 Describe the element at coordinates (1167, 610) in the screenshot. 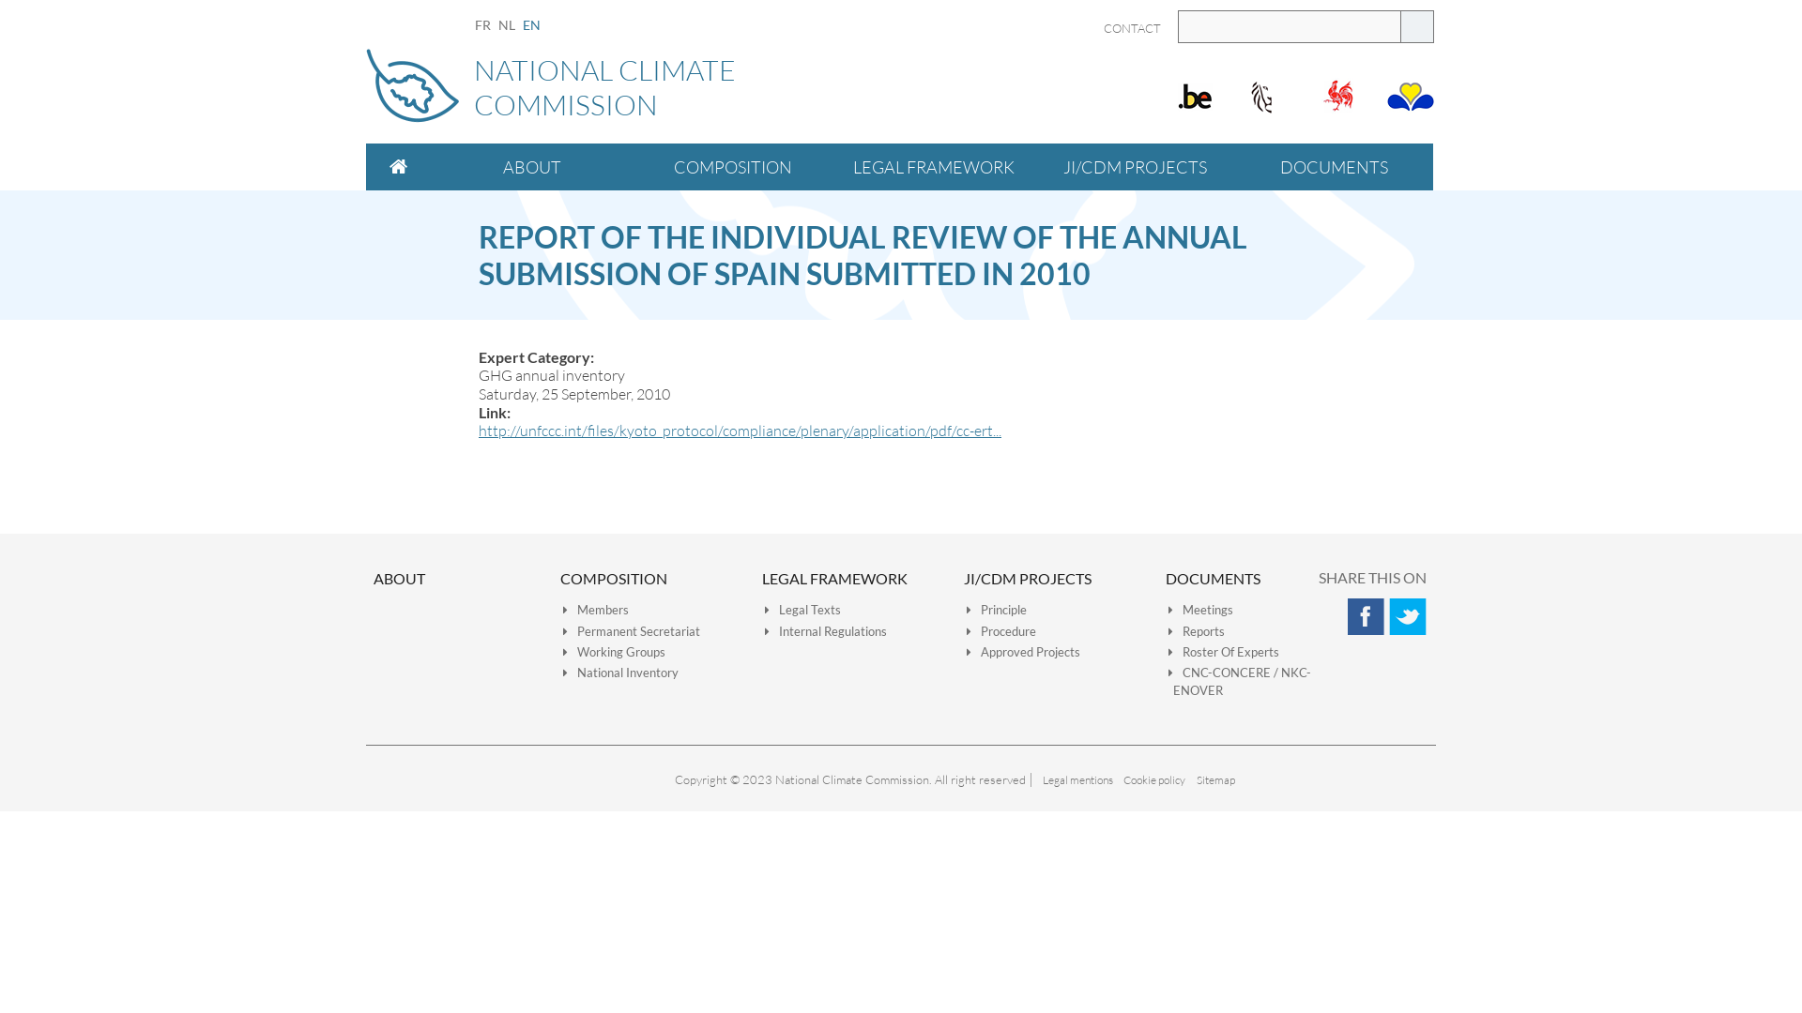

I see `'Meetings'` at that location.